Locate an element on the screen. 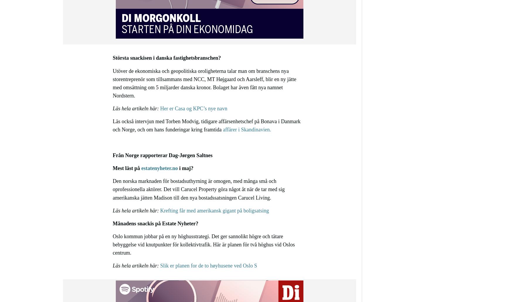 The height and width of the screenshot is (302, 513). 'Mest läst på' is located at coordinates (126, 168).